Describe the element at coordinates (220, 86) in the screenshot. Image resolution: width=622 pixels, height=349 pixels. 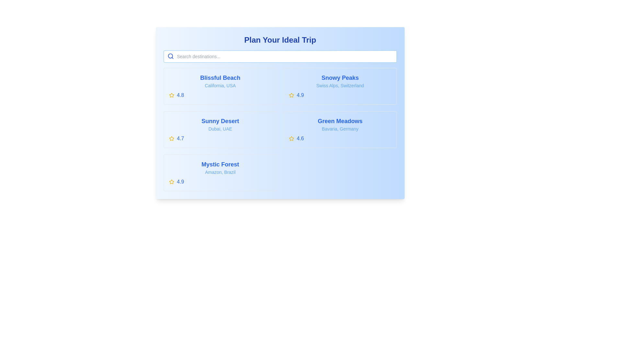
I see `the 'Blissful Beach' Card element, which displays information about the destination and is located in the top-left corner of the grid layout` at that location.